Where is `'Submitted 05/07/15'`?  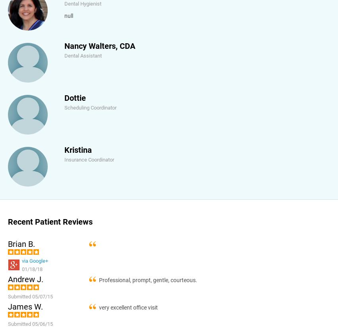
'Submitted 05/07/15' is located at coordinates (30, 296).